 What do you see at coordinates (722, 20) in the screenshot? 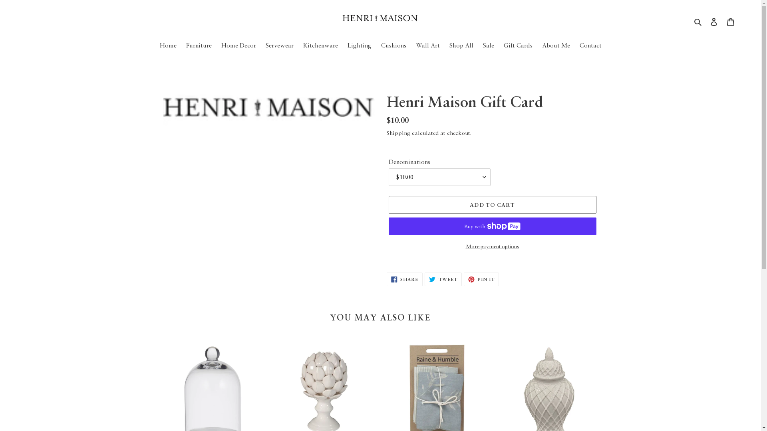
I see `'Cart'` at bounding box center [722, 20].